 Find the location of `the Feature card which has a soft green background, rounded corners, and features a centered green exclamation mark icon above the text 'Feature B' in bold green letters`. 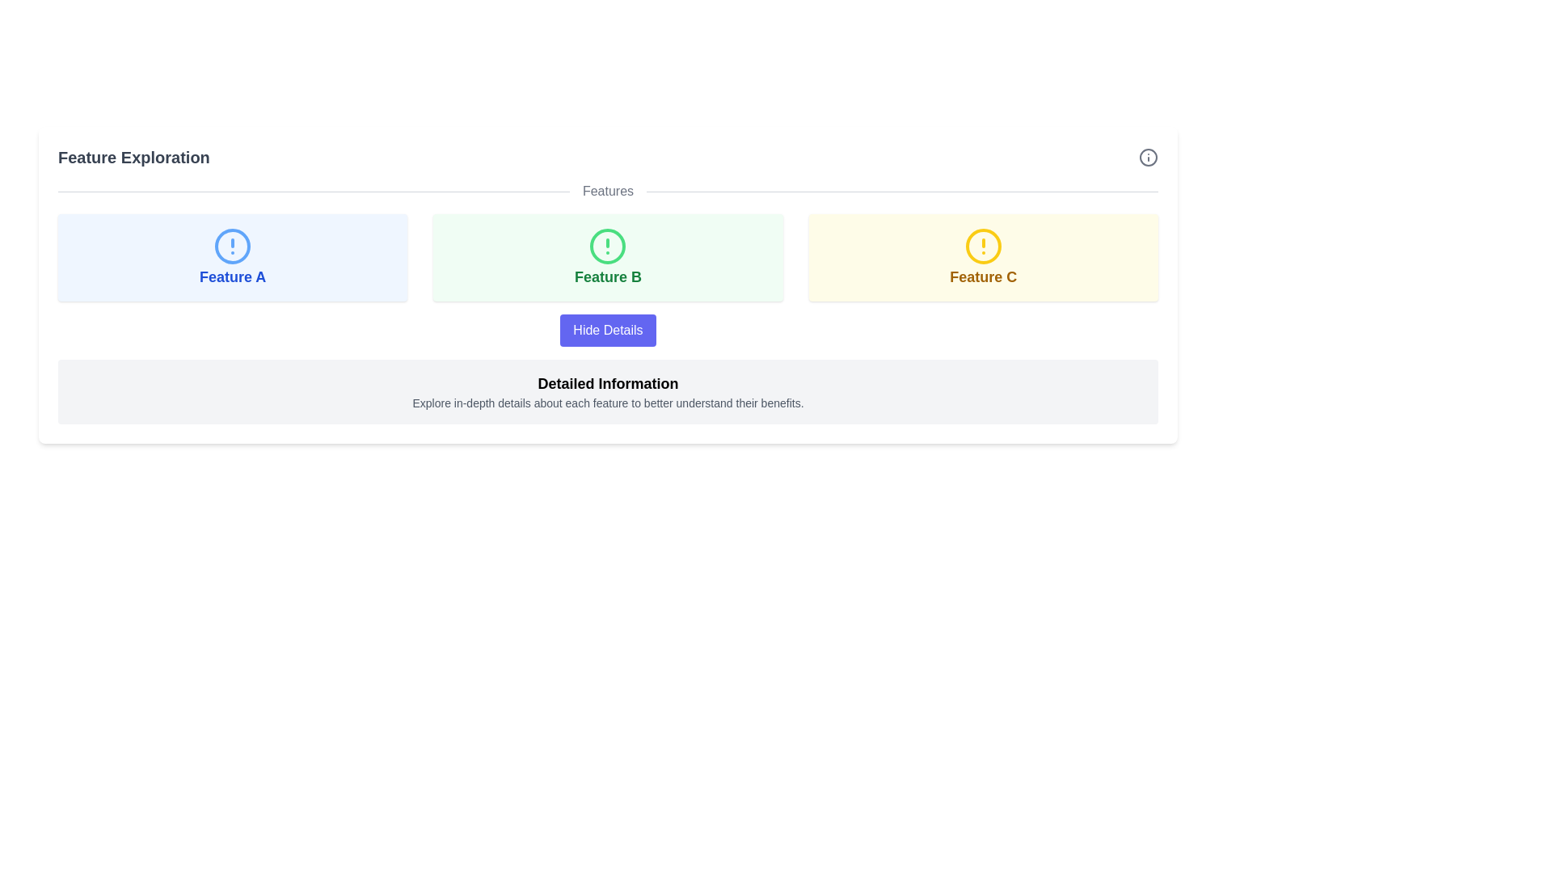

the Feature card which has a soft green background, rounded corners, and features a centered green exclamation mark icon above the text 'Feature B' in bold green letters is located at coordinates (607, 257).